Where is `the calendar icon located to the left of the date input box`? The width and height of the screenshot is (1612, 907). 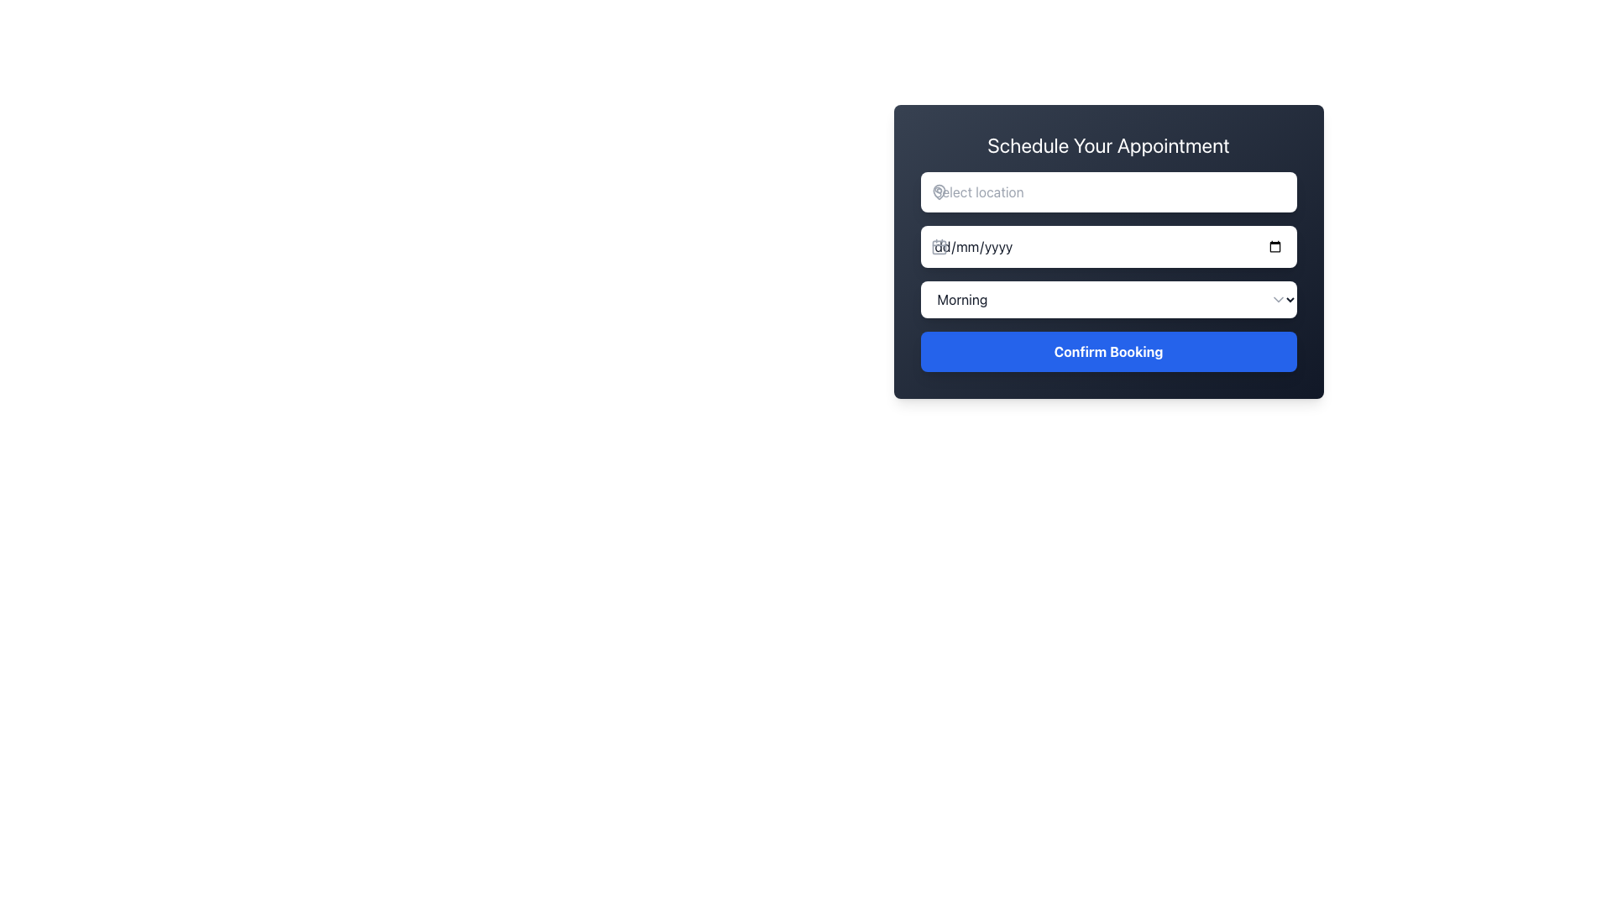
the calendar icon located to the left of the date input box is located at coordinates (938, 246).